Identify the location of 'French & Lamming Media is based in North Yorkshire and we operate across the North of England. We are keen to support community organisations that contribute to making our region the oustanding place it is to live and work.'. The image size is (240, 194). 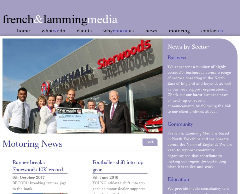
(167, 150).